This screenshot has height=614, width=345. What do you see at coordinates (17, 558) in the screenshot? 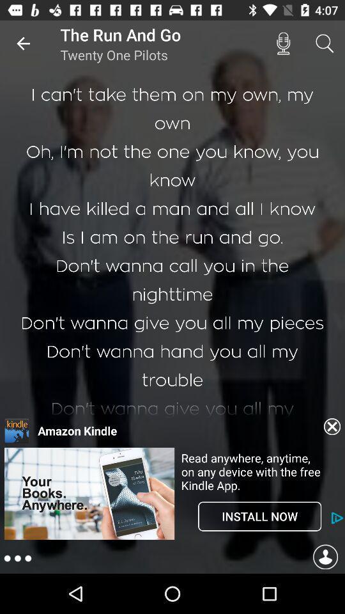
I see `the more icon` at bounding box center [17, 558].